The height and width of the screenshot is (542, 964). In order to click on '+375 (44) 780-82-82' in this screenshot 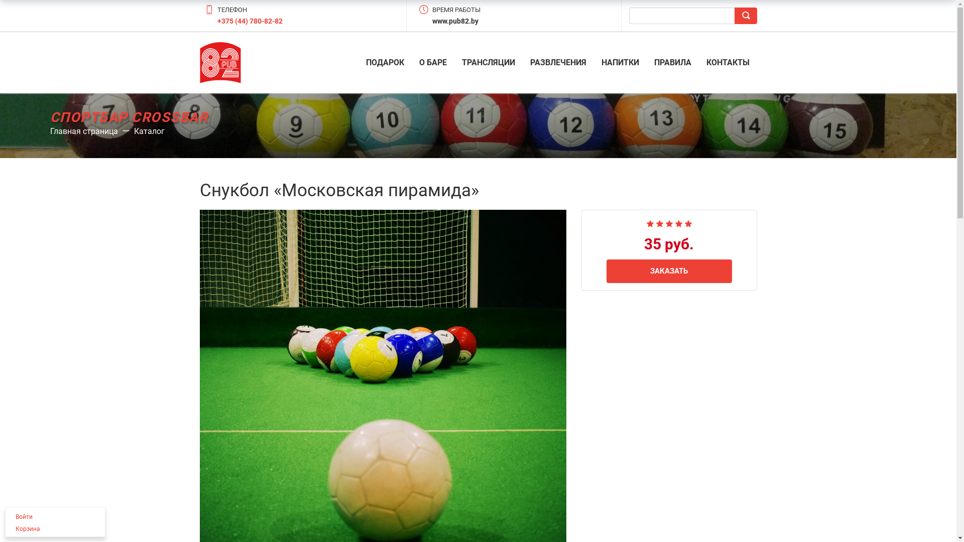, I will do `click(250, 21)`.